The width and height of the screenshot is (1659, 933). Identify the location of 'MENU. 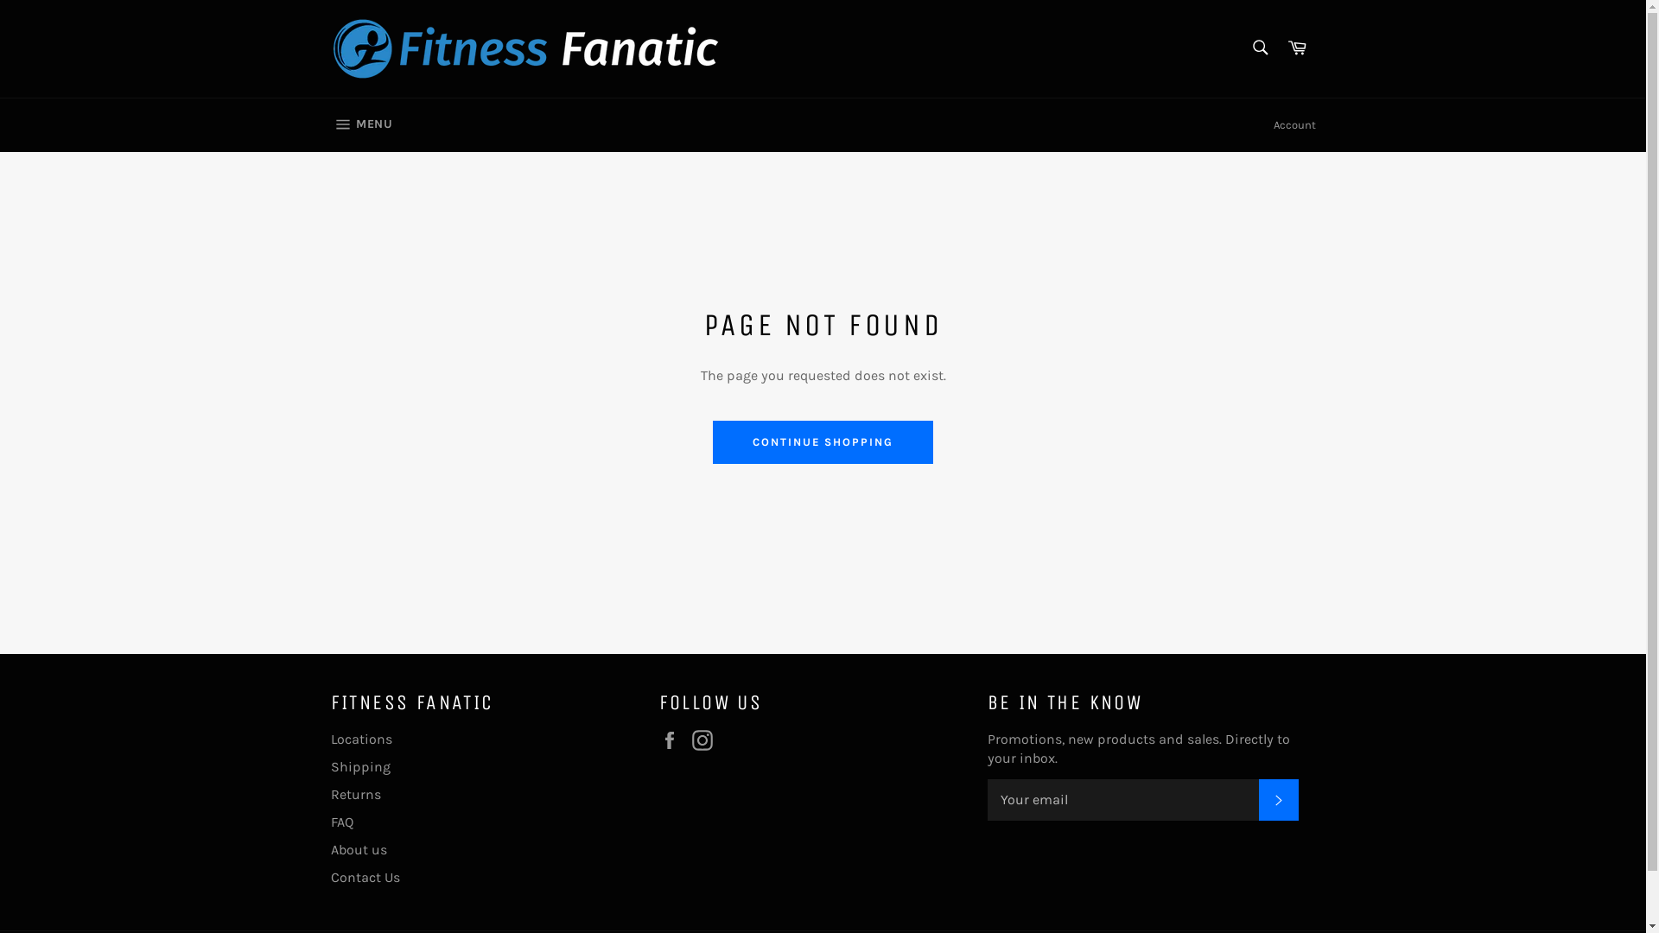
(359, 124).